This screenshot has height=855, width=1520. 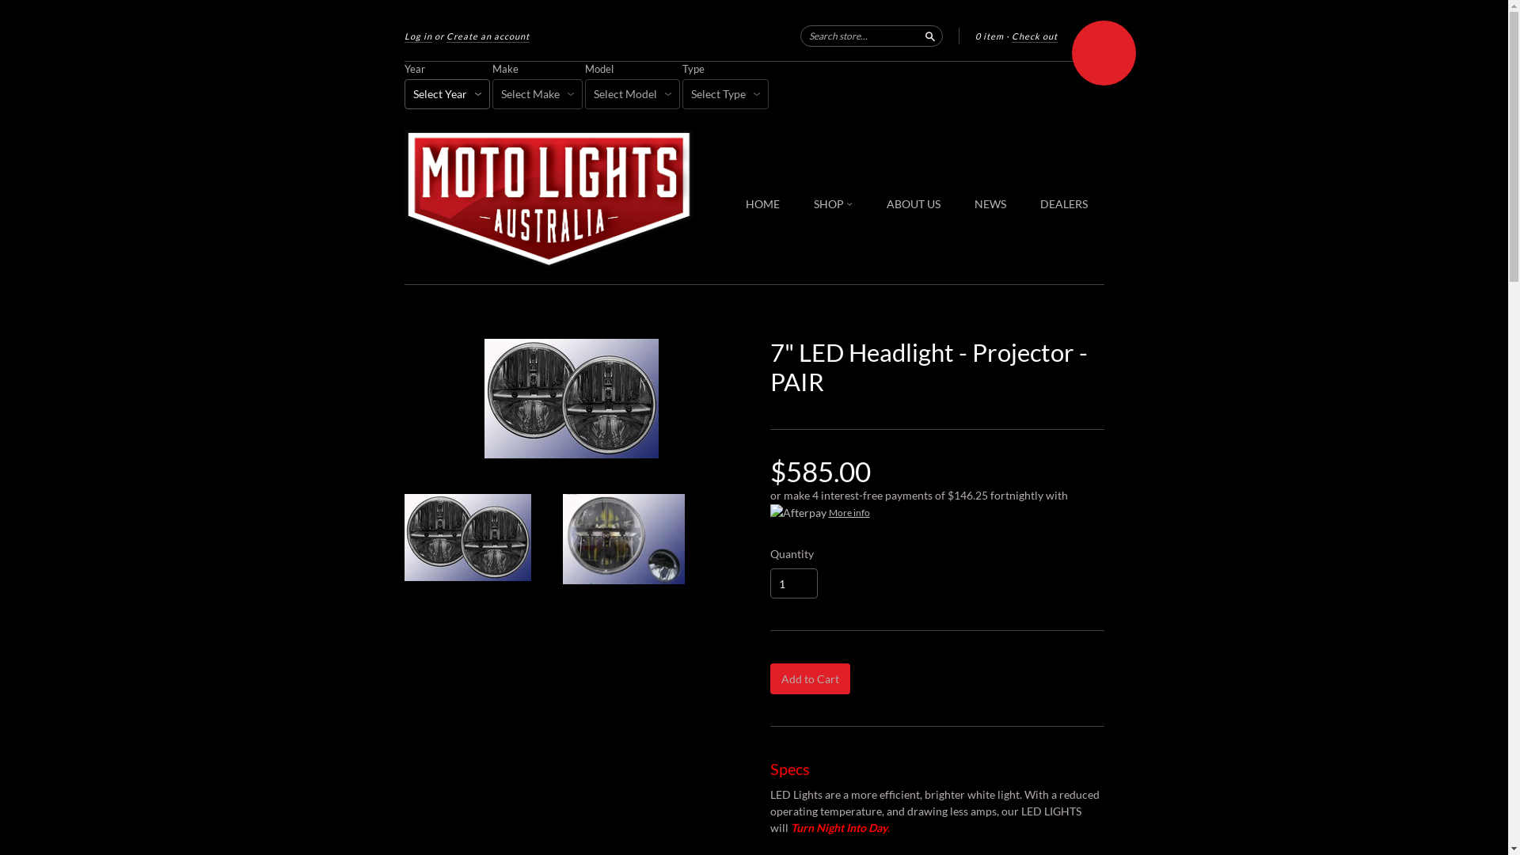 What do you see at coordinates (988, 36) in the screenshot?
I see `'0 item'` at bounding box center [988, 36].